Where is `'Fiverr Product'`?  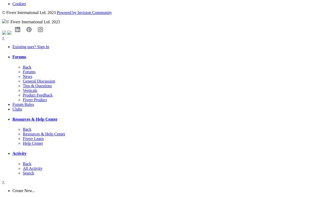
'Fiverr Product' is located at coordinates (35, 99).